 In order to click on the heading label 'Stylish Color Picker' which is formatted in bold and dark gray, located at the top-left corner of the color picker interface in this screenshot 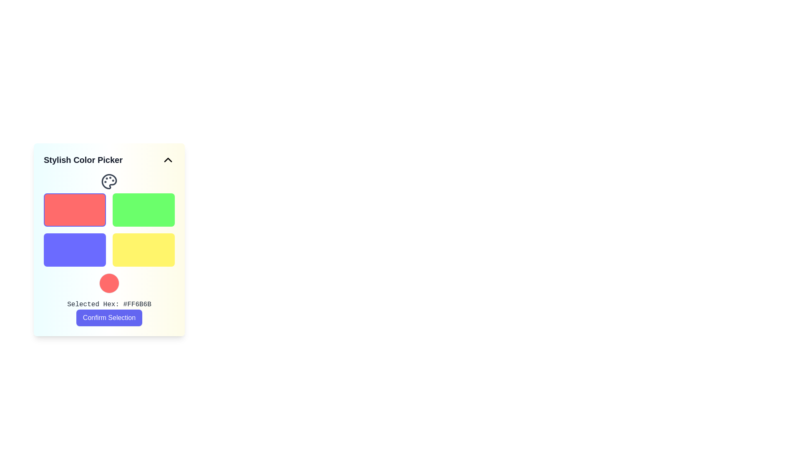, I will do `click(83, 160)`.